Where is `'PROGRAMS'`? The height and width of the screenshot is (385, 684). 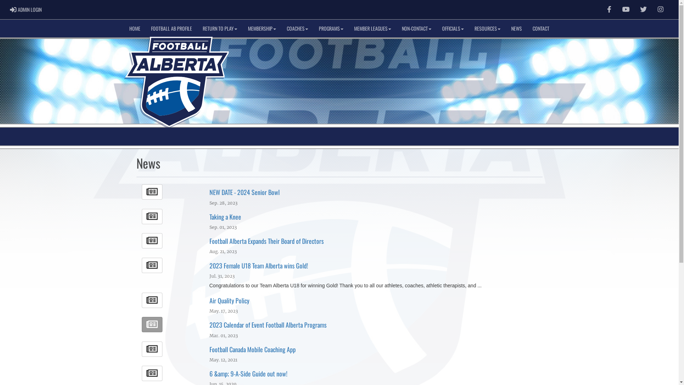 'PROGRAMS' is located at coordinates (313, 28).